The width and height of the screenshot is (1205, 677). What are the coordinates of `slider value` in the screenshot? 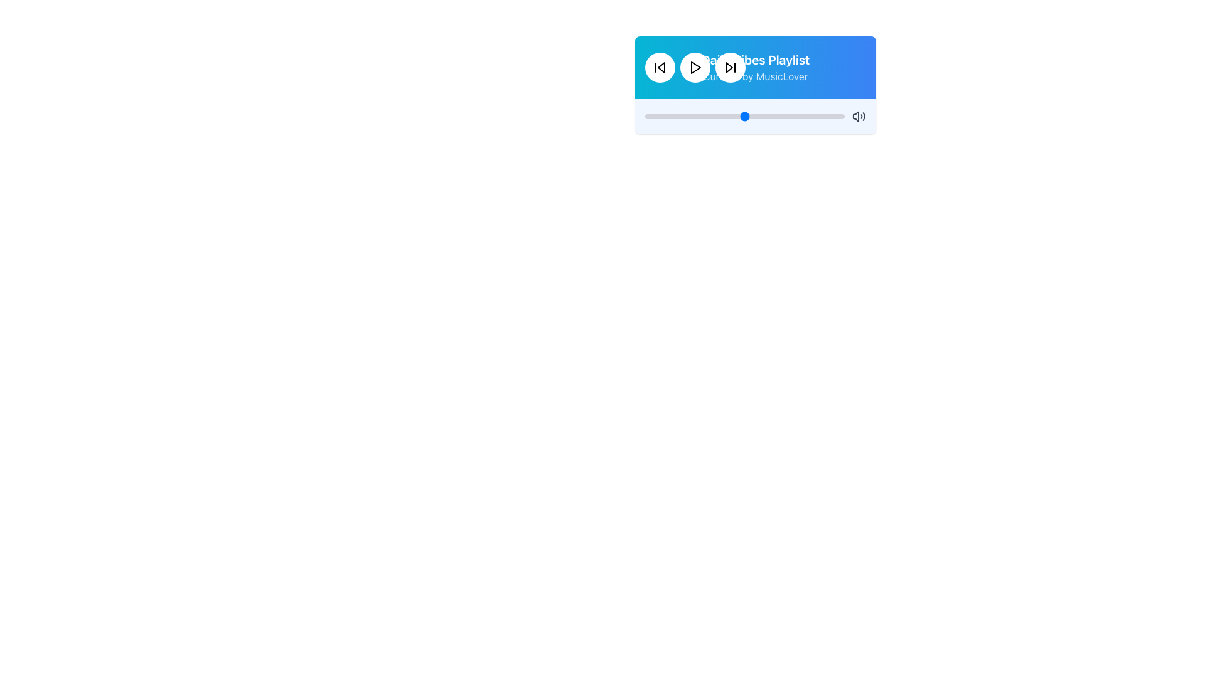 It's located at (742, 116).